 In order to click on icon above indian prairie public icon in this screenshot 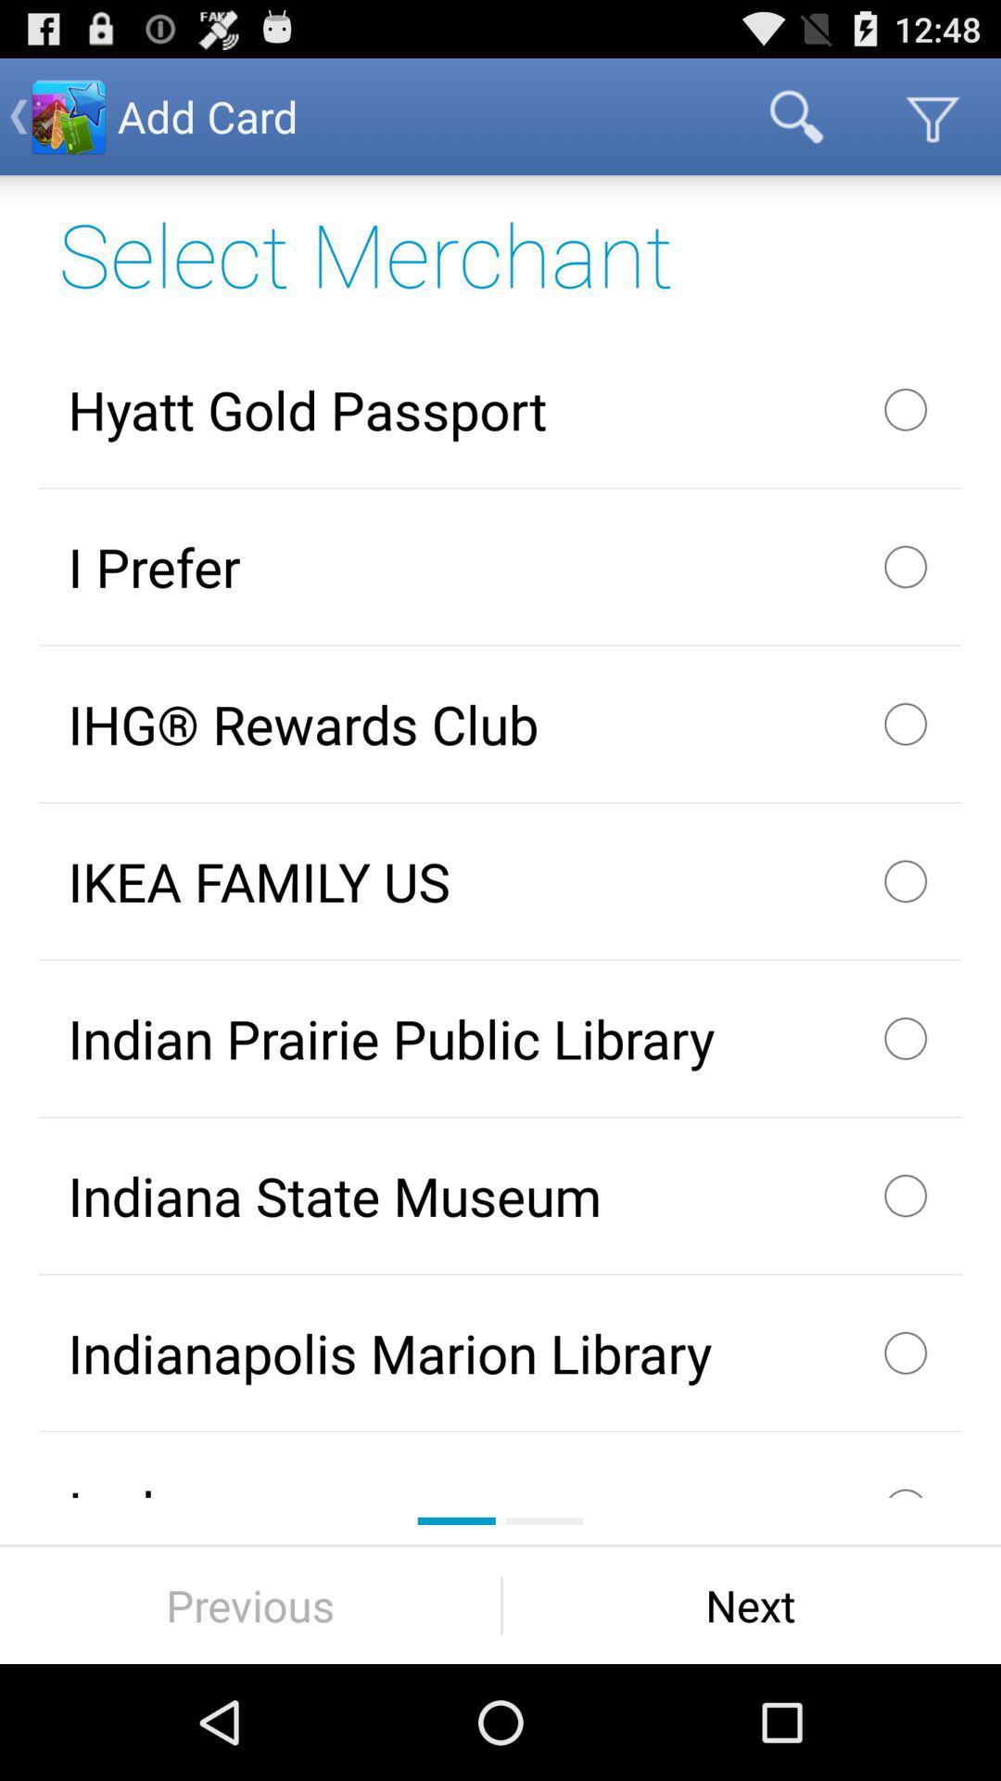, I will do `click(500, 880)`.